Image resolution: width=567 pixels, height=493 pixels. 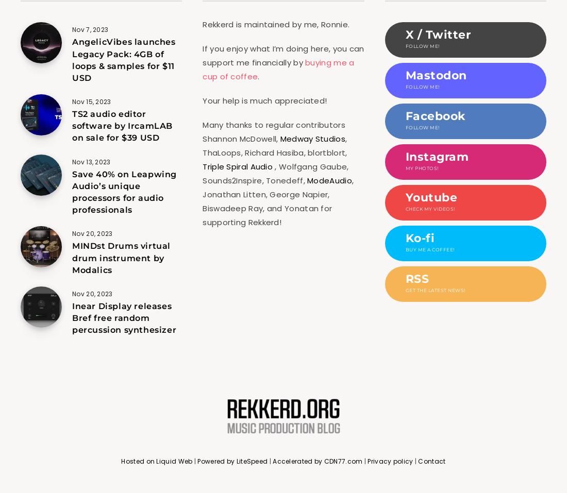 What do you see at coordinates (405, 290) in the screenshot?
I see `'Get the latest news!'` at bounding box center [405, 290].